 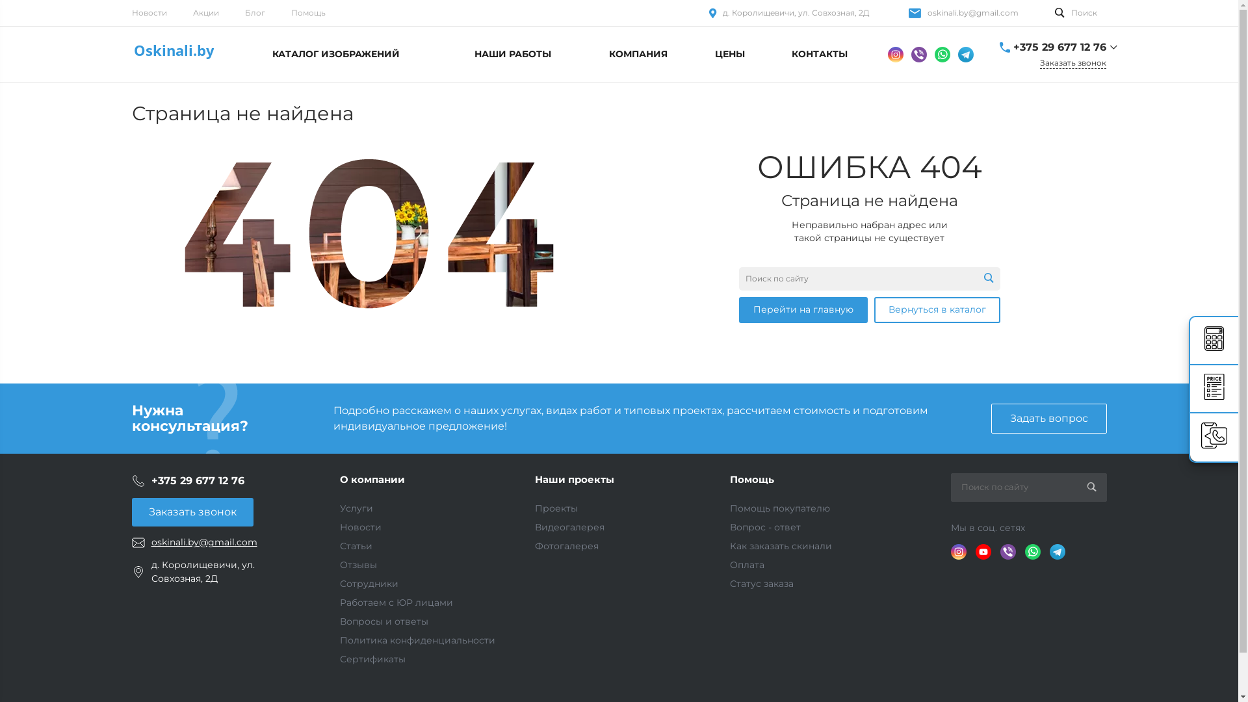 What do you see at coordinates (1059, 47) in the screenshot?
I see `'+375 29 677 12 76'` at bounding box center [1059, 47].